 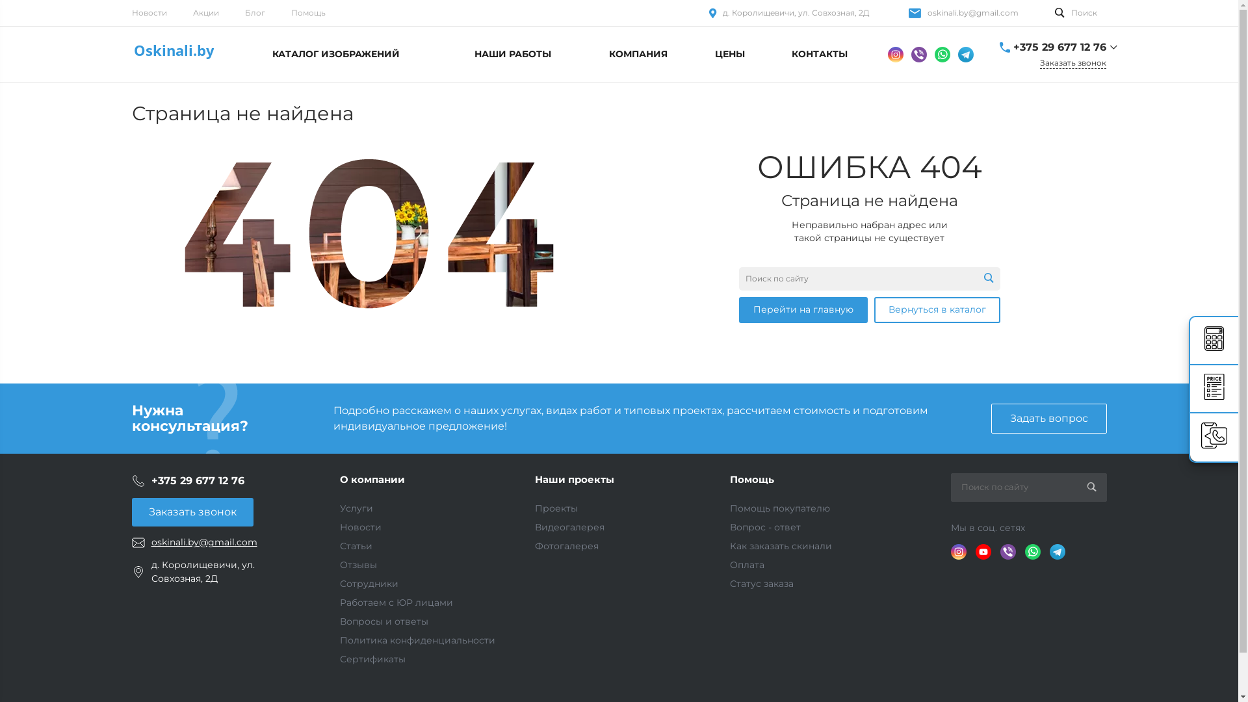 What do you see at coordinates (1059, 47) in the screenshot?
I see `'+375 29 677 12 76'` at bounding box center [1059, 47].